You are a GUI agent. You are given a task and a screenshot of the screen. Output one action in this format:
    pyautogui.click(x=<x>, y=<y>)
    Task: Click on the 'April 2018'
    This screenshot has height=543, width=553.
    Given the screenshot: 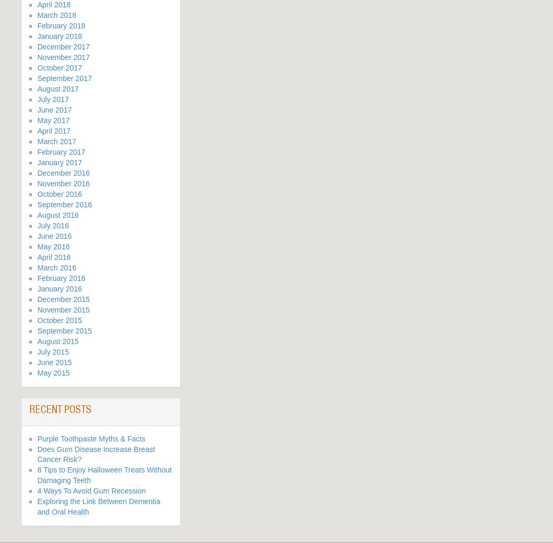 What is the action you would take?
    pyautogui.click(x=54, y=4)
    